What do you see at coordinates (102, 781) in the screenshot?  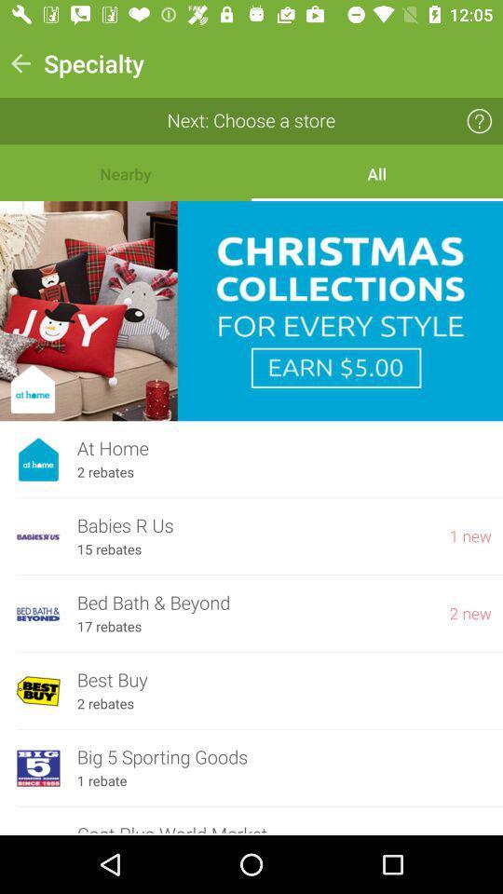 I see `1 rebate` at bounding box center [102, 781].